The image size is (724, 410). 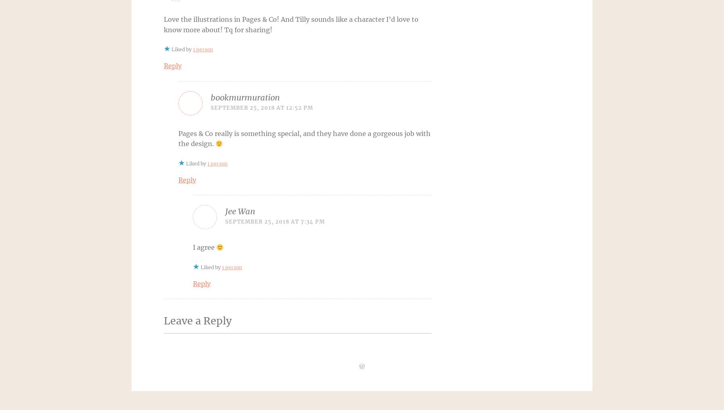 I want to click on 'bookmurmuration', so click(x=245, y=97).